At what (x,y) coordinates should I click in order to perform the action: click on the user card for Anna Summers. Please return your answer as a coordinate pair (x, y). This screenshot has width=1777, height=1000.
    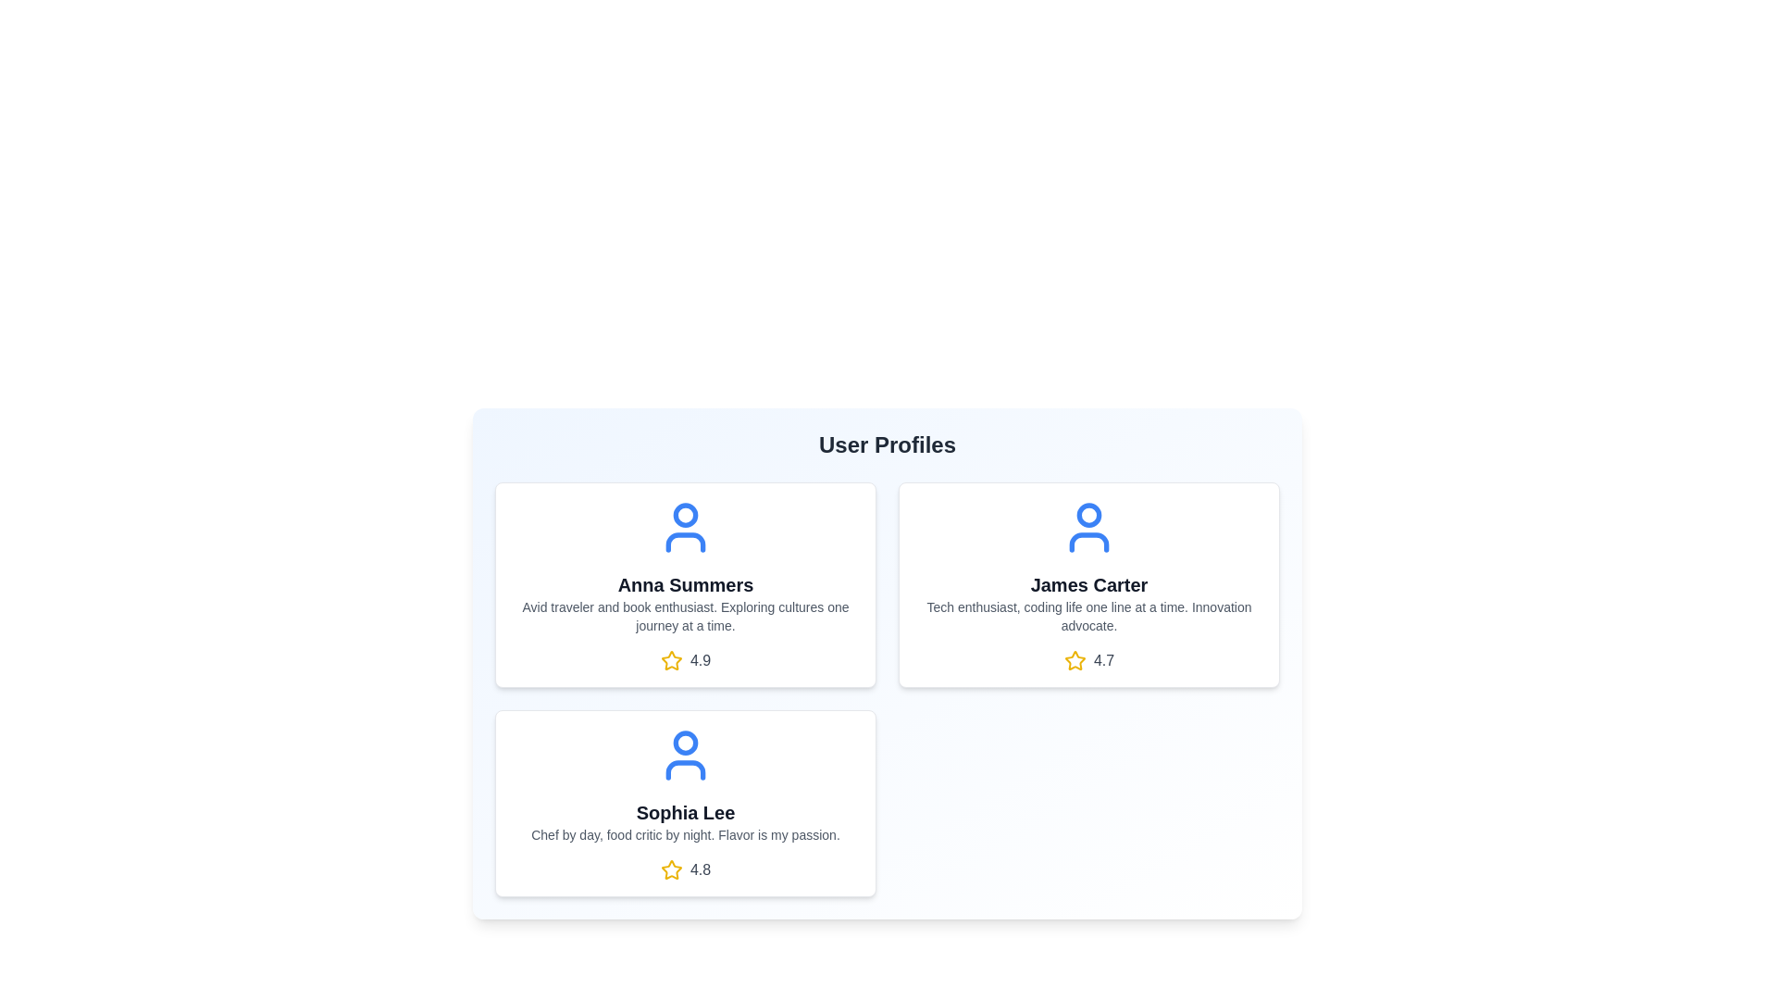
    Looking at the image, I should click on (684, 585).